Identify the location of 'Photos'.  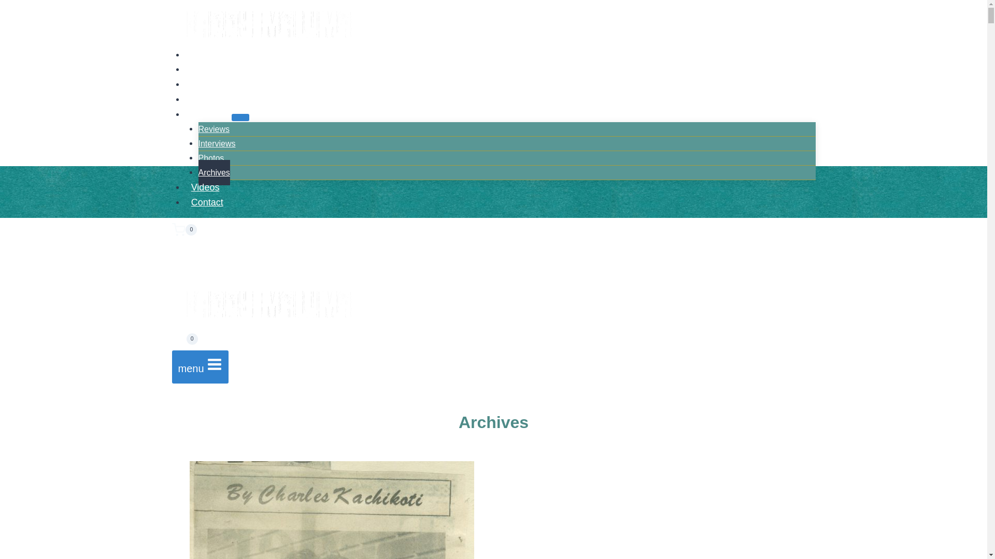
(198, 158).